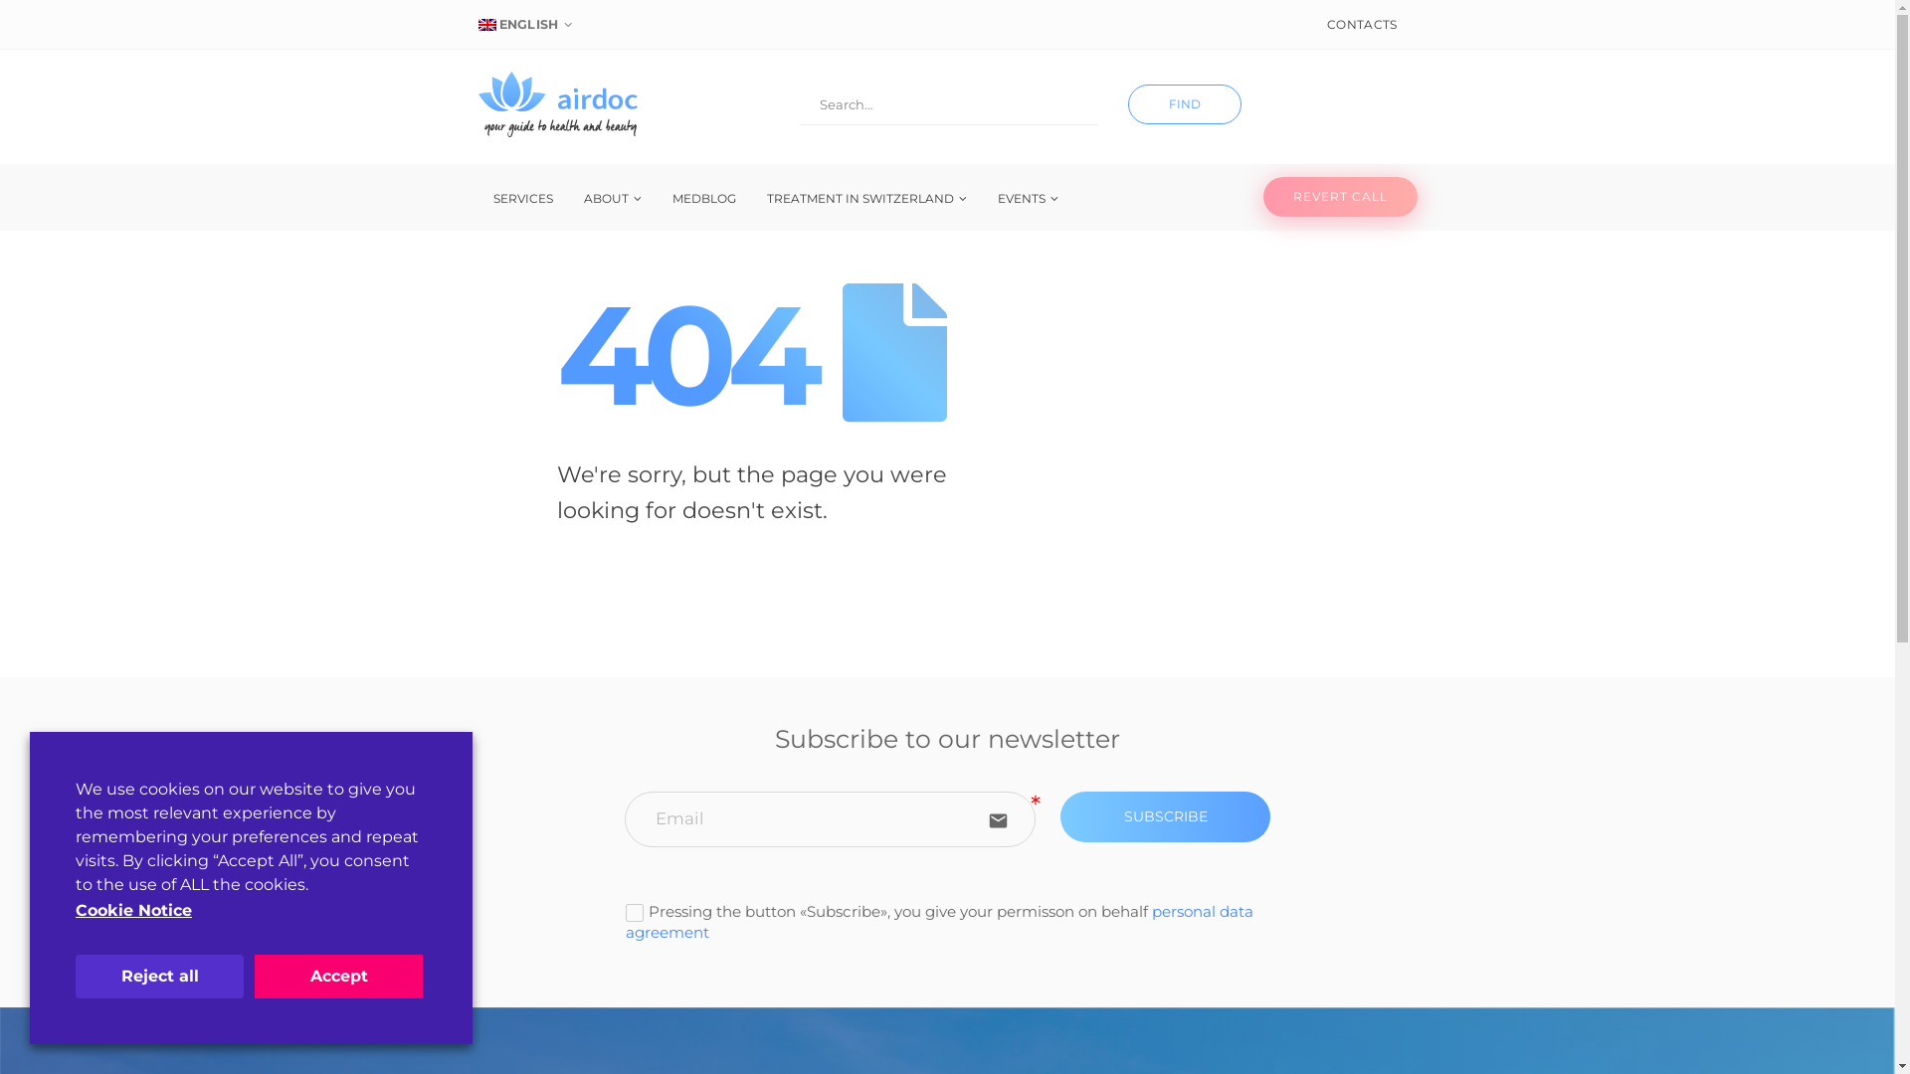 This screenshot has height=1074, width=1910. I want to click on 'SUBSCRIBE', so click(1165, 816).